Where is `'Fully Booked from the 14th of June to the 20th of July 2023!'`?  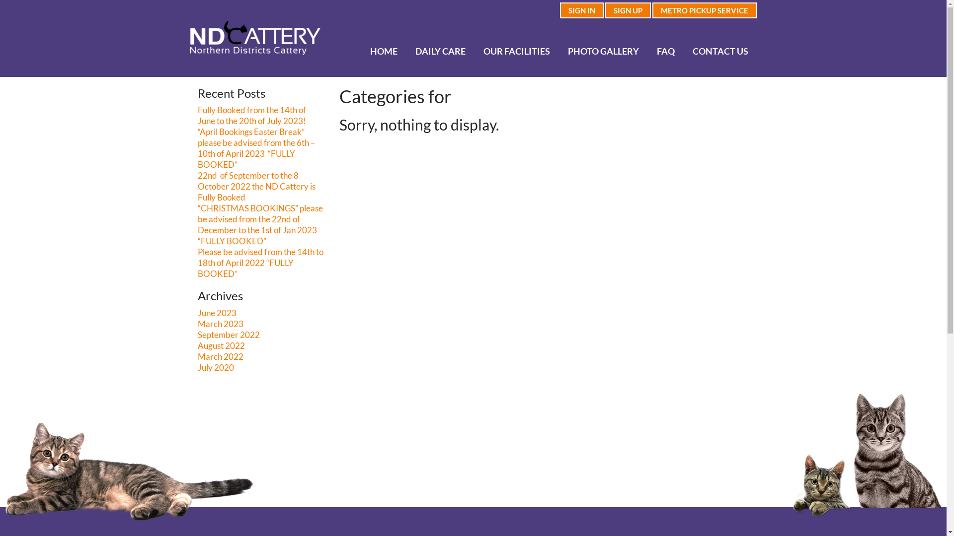
'Fully Booked from the 14th of June to the 20th of July 2023!' is located at coordinates (198, 115).